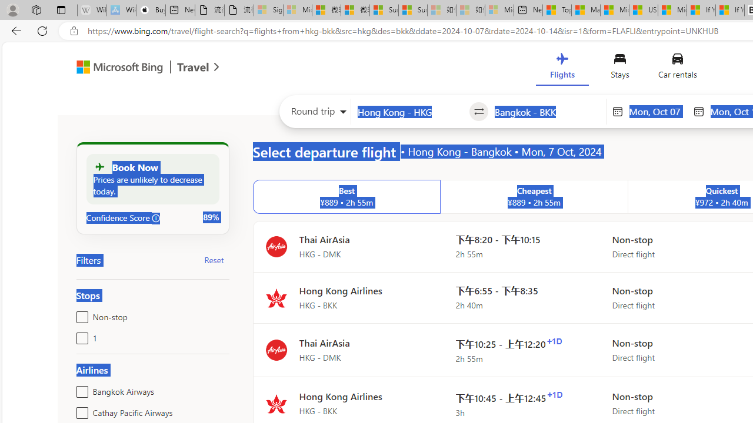 The height and width of the screenshot is (423, 753). What do you see at coordinates (117, 67) in the screenshot?
I see `'Class: msft-bing-logo msft-bing-logo-desktop'` at bounding box center [117, 67].